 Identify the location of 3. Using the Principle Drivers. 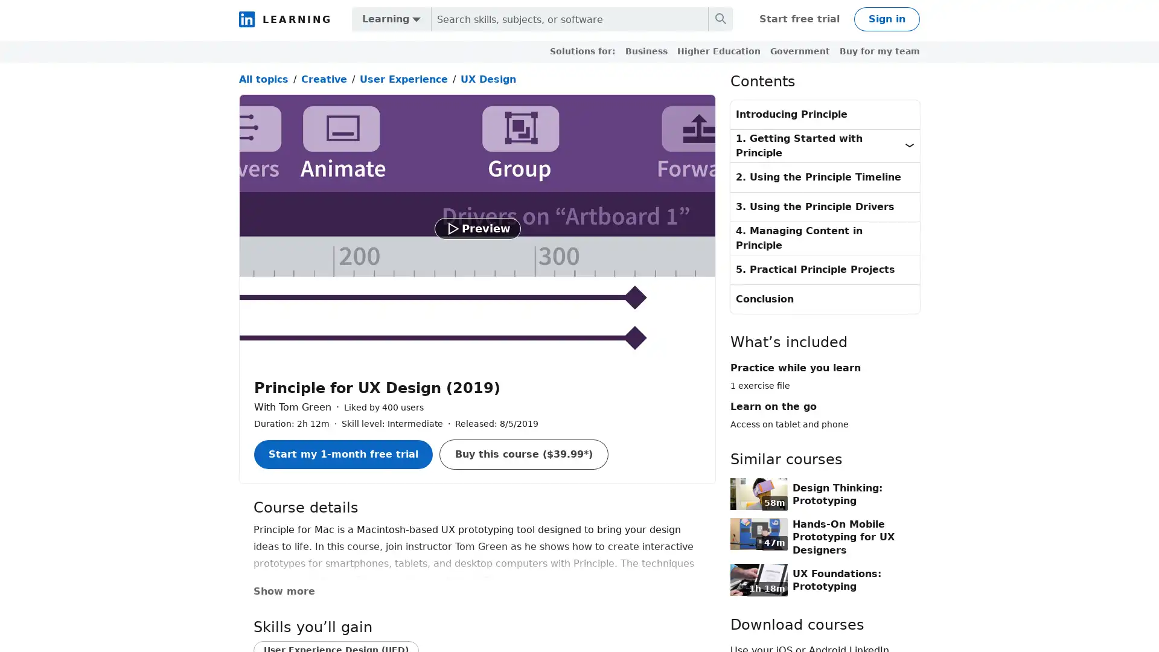
(825, 206).